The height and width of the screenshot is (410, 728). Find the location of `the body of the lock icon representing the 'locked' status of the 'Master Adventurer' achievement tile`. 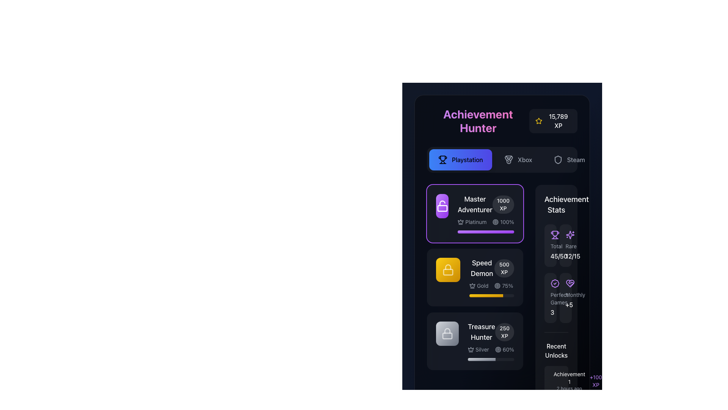

the body of the lock icon representing the 'locked' status of the 'Master Adventurer' achievement tile is located at coordinates (448, 272).